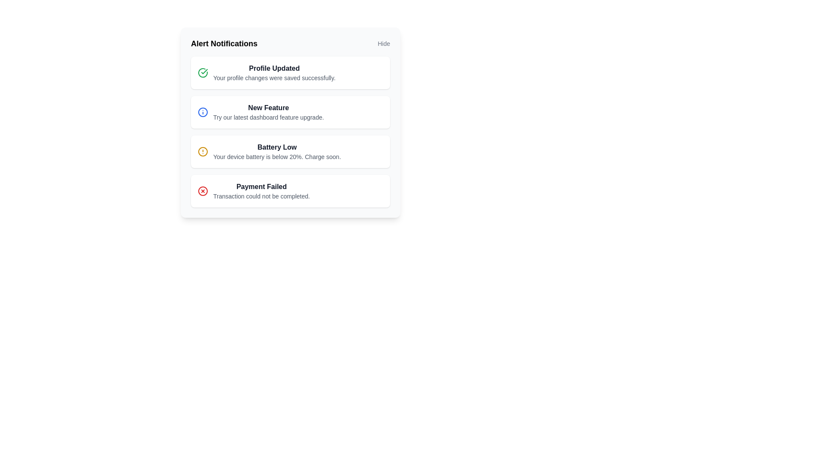 The width and height of the screenshot is (824, 463). I want to click on the notification alert about the failed payment attempt, which is the fourth notification block in the 'Alert Notifications' section, so click(290, 191).